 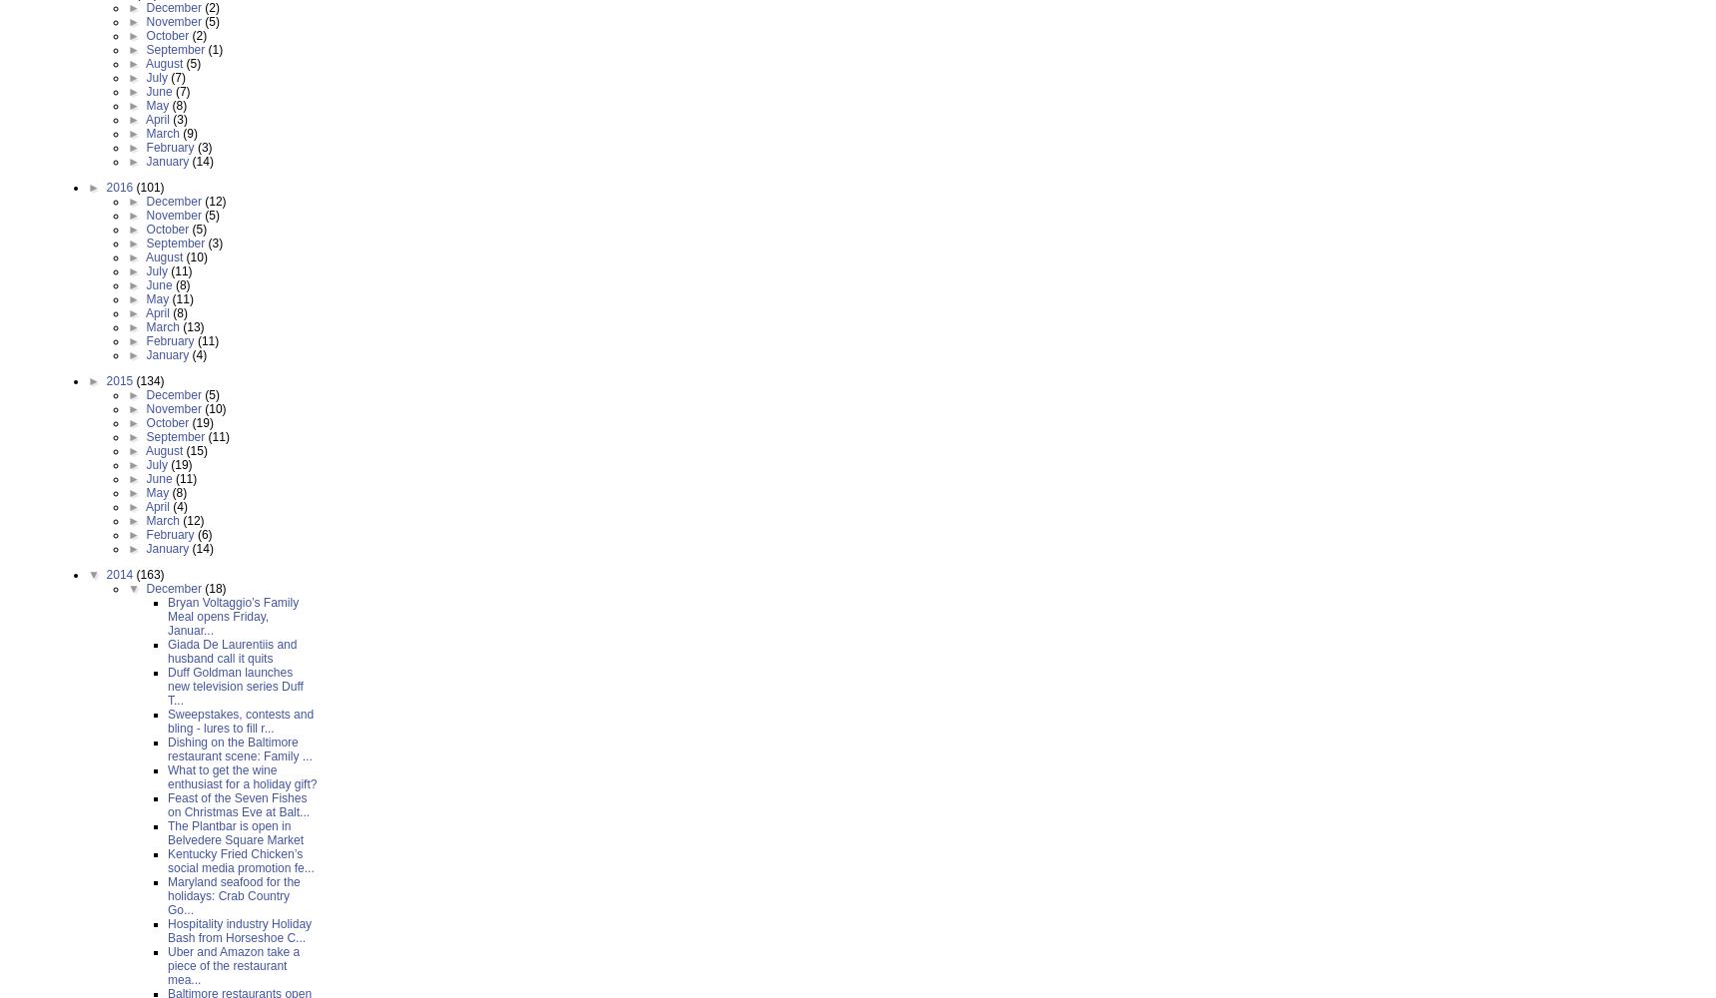 I want to click on 'What to get the wine enthusiast for a holiday gift?', so click(x=168, y=777).